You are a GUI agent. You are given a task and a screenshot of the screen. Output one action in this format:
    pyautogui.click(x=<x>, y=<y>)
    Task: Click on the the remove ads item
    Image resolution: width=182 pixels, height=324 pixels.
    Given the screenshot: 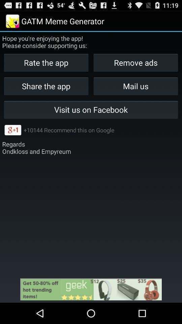 What is the action you would take?
    pyautogui.click(x=135, y=62)
    